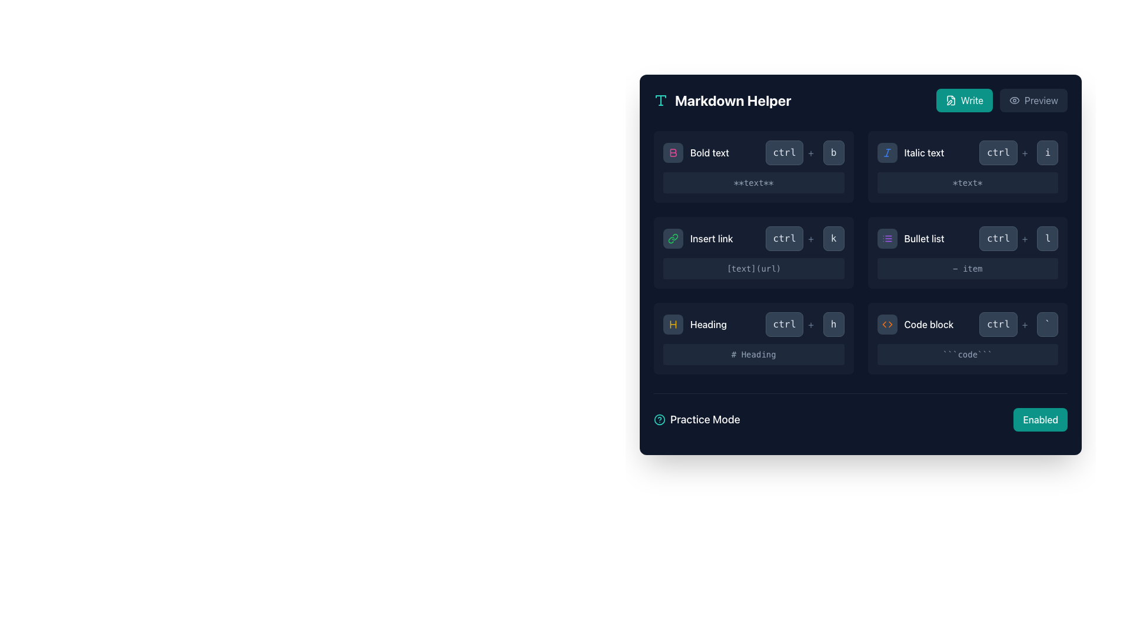 This screenshot has width=1130, height=635. What do you see at coordinates (833, 324) in the screenshot?
I see `the button that visually represents the 'h' key in the 'ctrl + h' shortcut for formatting headings in the Markdown Helper tool` at bounding box center [833, 324].